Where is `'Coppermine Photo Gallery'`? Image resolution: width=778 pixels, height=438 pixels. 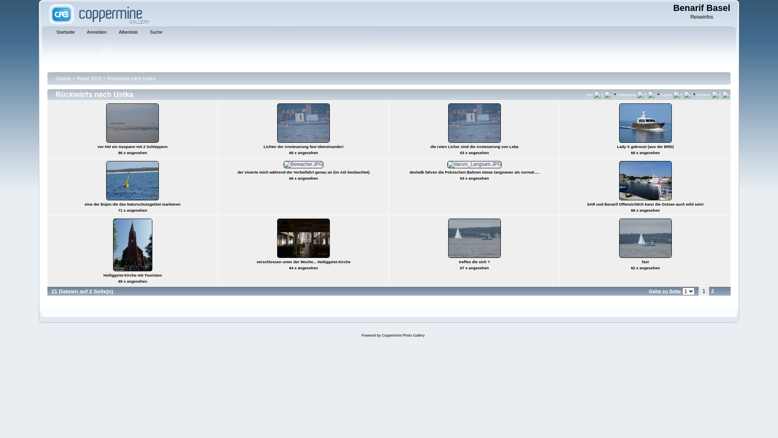
'Coppermine Photo Gallery' is located at coordinates (403, 335).